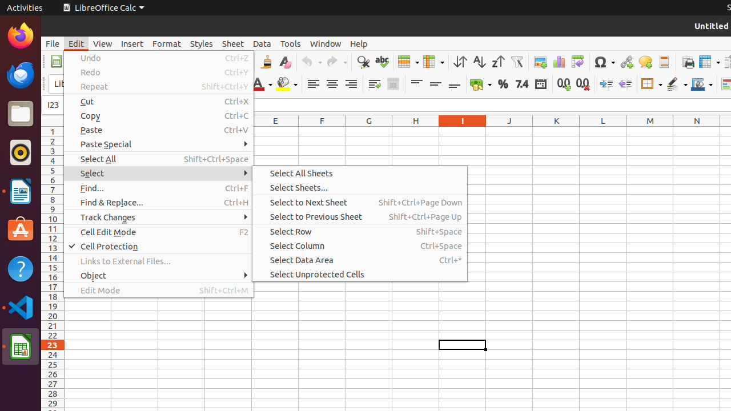 The width and height of the screenshot is (731, 411). Describe the element at coordinates (605, 83) in the screenshot. I see `'Increase'` at that location.